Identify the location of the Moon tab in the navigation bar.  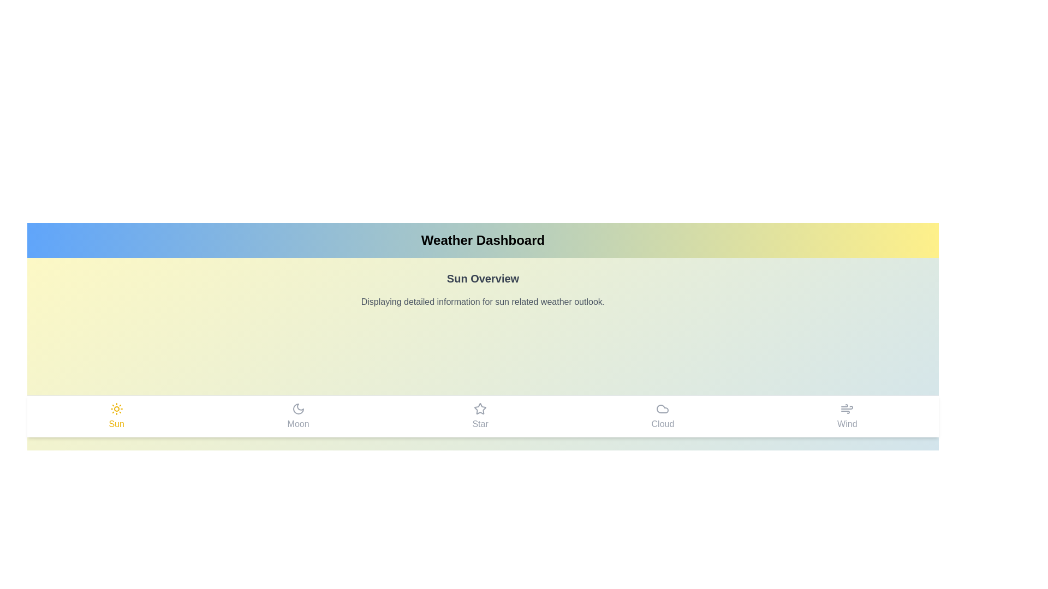
(298, 416).